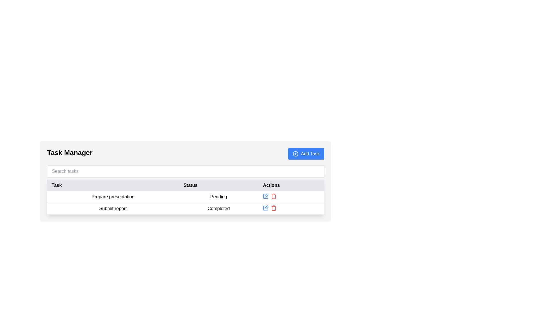 Image resolution: width=551 pixels, height=310 pixels. I want to click on the trash bin icon button in the 'Actions' column, second row of the table, to change its visual state, so click(273, 208).